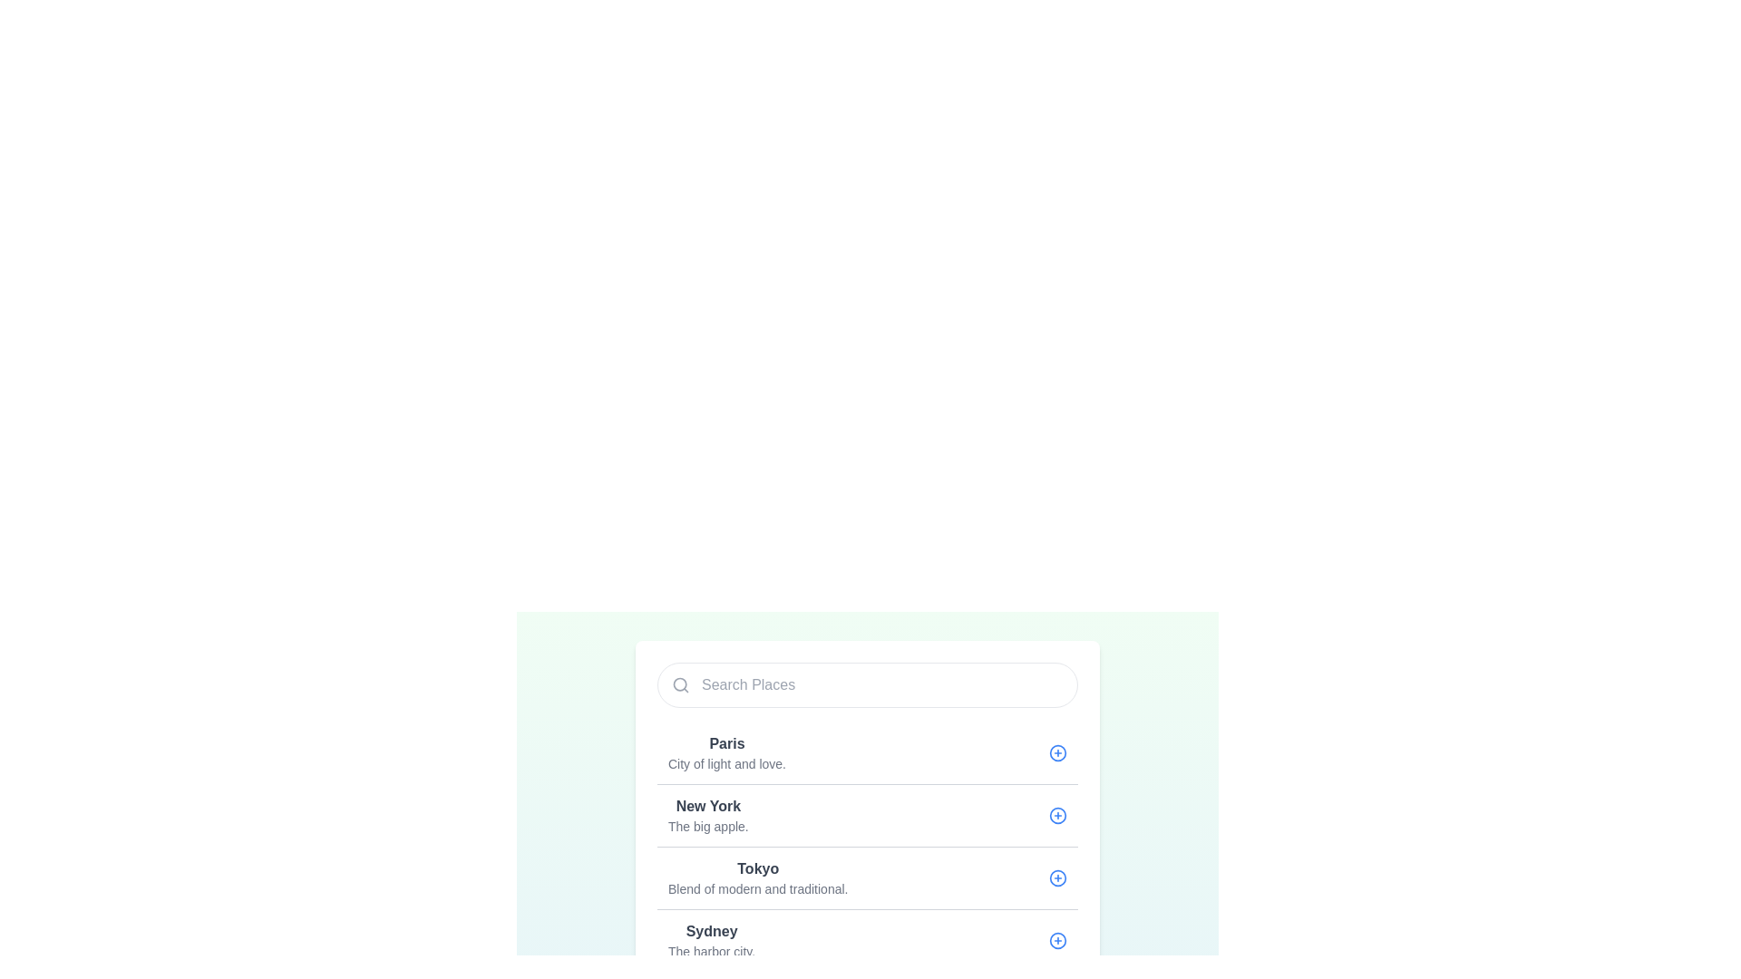  Describe the element at coordinates (711, 939) in the screenshot. I see `text label representing the city 'Sydney', which is the fourth entry in a list of places located under a search bar towards the bottom of the visible area` at that location.